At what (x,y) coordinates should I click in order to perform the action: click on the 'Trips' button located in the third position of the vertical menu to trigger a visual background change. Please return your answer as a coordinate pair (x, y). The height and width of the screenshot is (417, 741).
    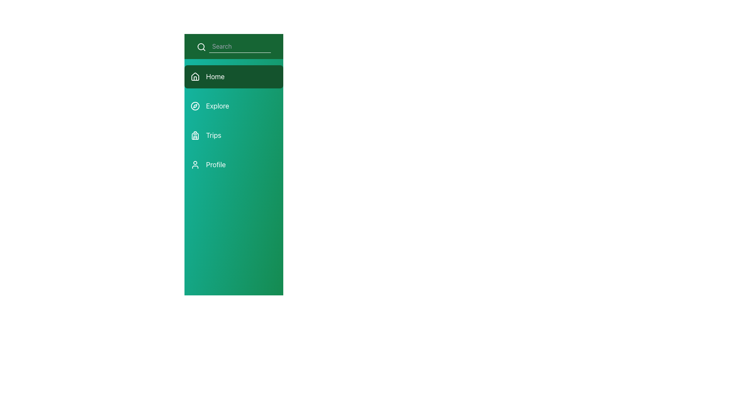
    Looking at the image, I should click on (233, 135).